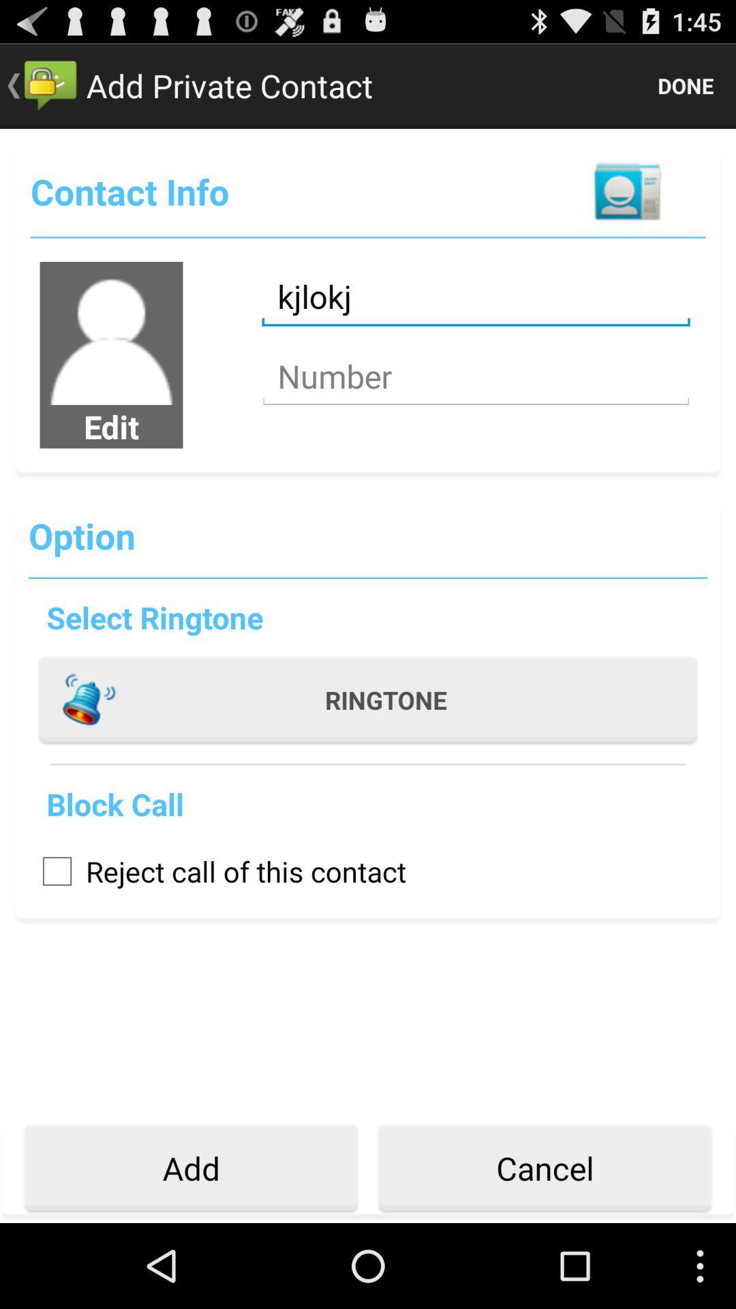 Image resolution: width=736 pixels, height=1309 pixels. Describe the element at coordinates (475, 376) in the screenshot. I see `the icon below the kjlokj` at that location.